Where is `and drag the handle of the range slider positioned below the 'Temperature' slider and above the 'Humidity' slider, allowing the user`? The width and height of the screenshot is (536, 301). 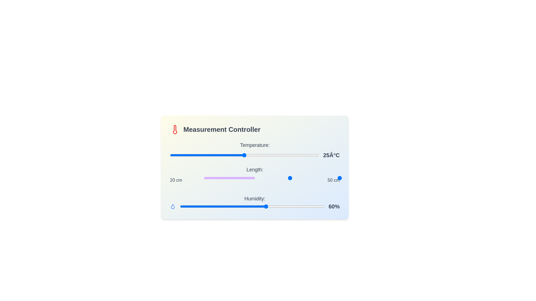 and drag the handle of the range slider positioned below the 'Temperature' slider and above the 'Humidity' slider, allowing the user is located at coordinates (254, 177).